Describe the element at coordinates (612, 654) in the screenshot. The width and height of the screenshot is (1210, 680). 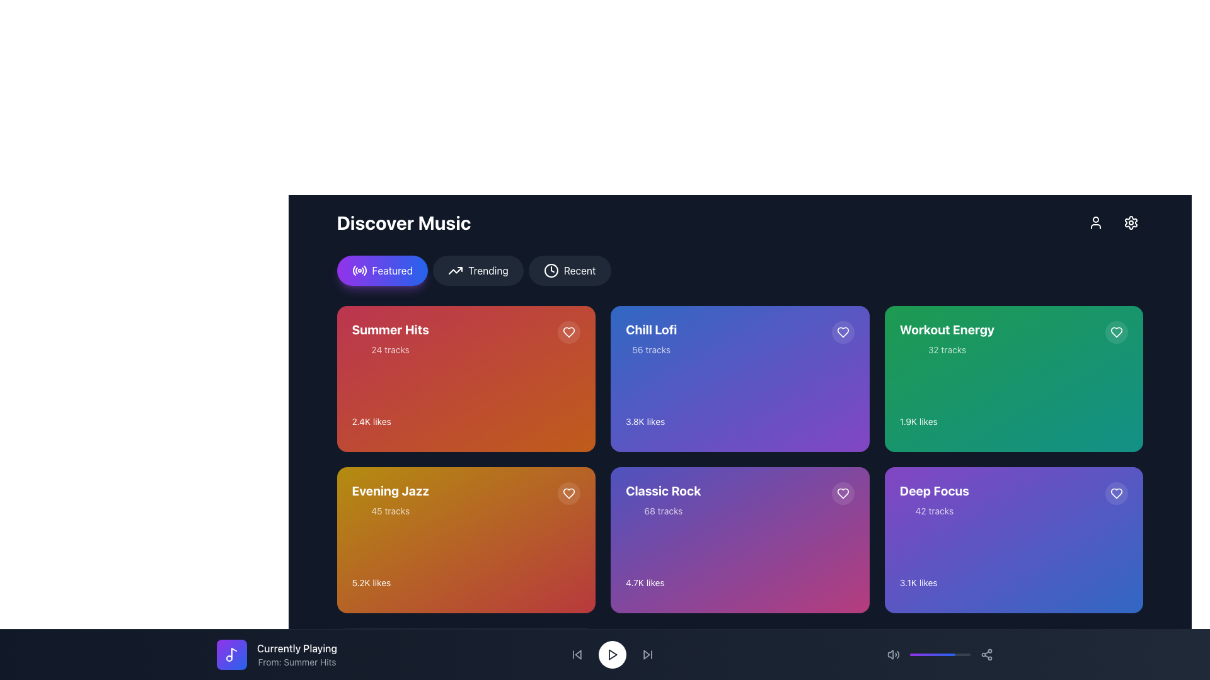
I see `the circular button with a white background and black play icon located in the bottom center of the interface to observe its hover effect` at that location.